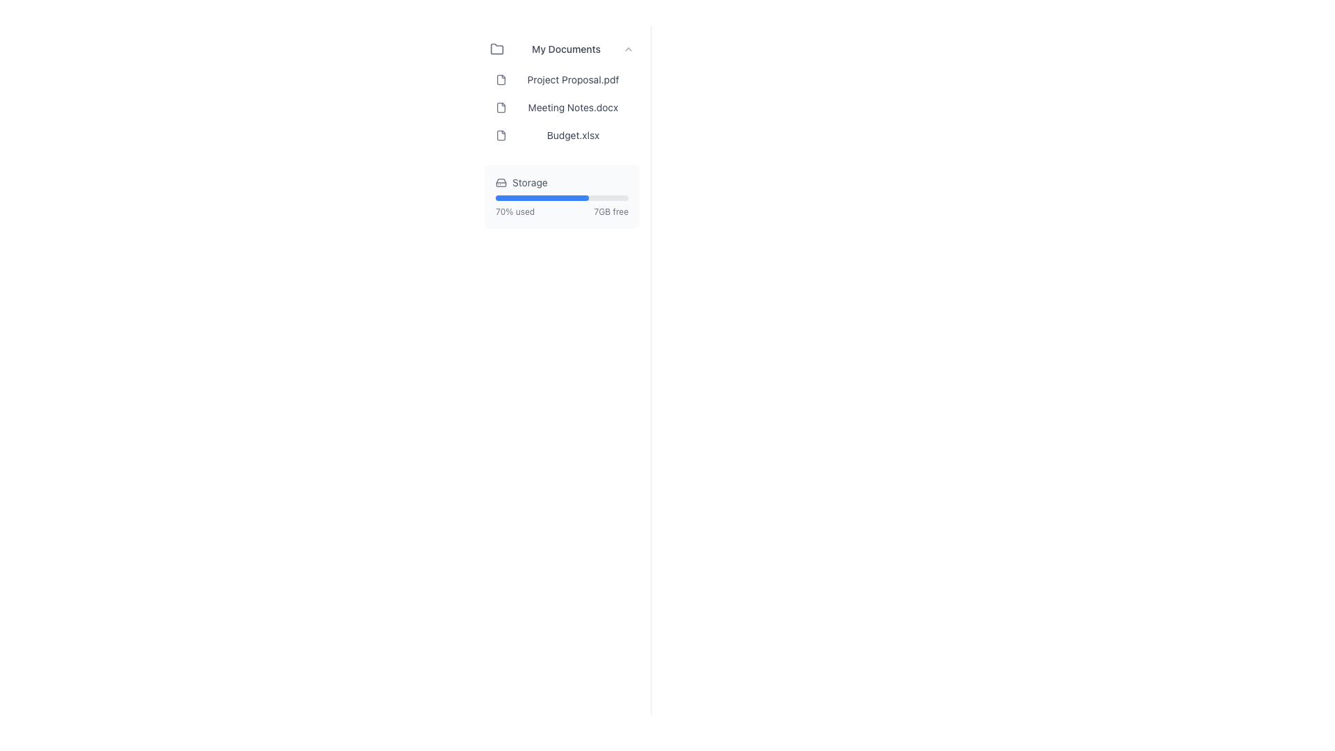 This screenshot has width=1335, height=751. What do you see at coordinates (565, 80) in the screenshot?
I see `on the file list item labeled 'Project Proposal.pdf'` at bounding box center [565, 80].